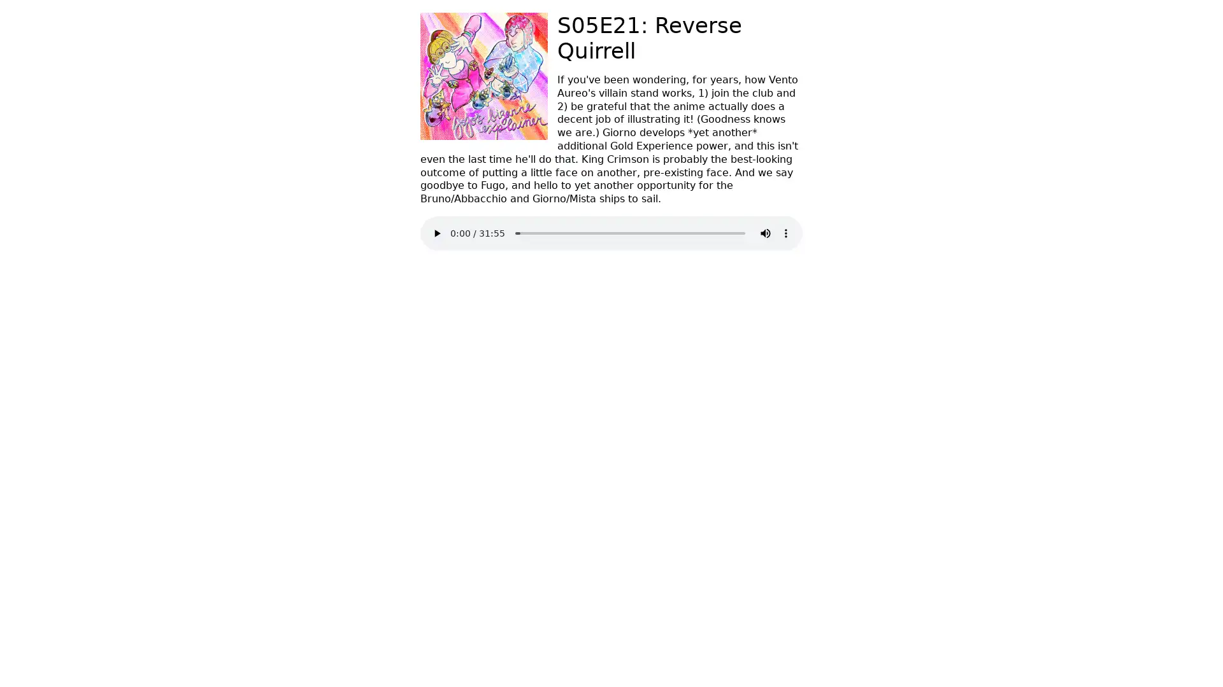  I want to click on play, so click(437, 233).